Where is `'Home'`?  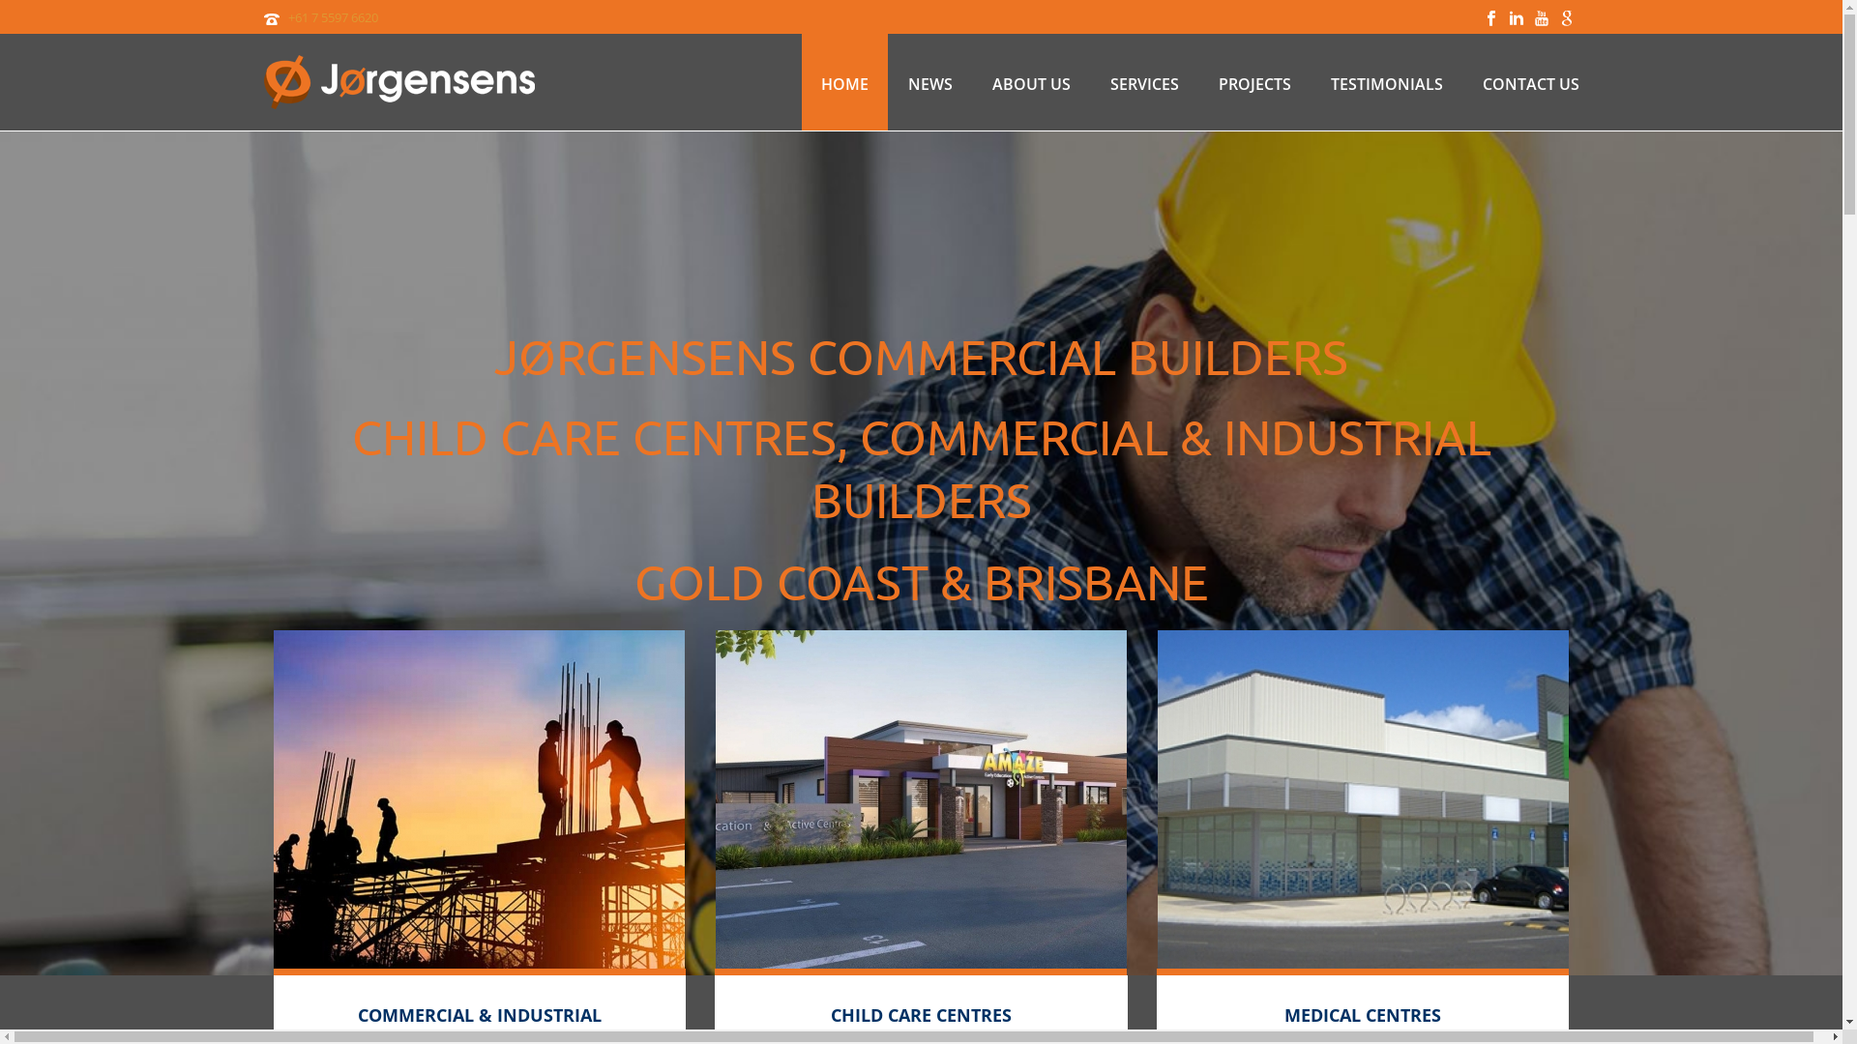
'Home' is located at coordinates (920, 798).